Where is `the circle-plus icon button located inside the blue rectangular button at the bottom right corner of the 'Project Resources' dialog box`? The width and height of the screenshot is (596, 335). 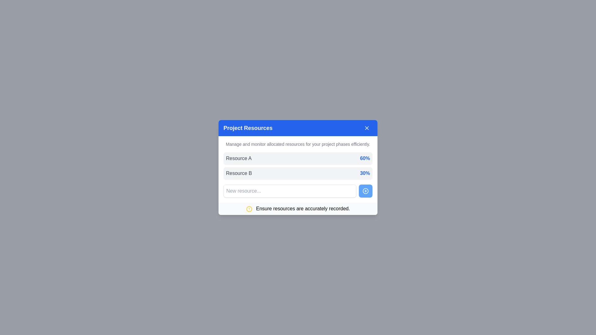 the circle-plus icon button located inside the blue rectangular button at the bottom right corner of the 'Project Resources' dialog box is located at coordinates (365, 191).